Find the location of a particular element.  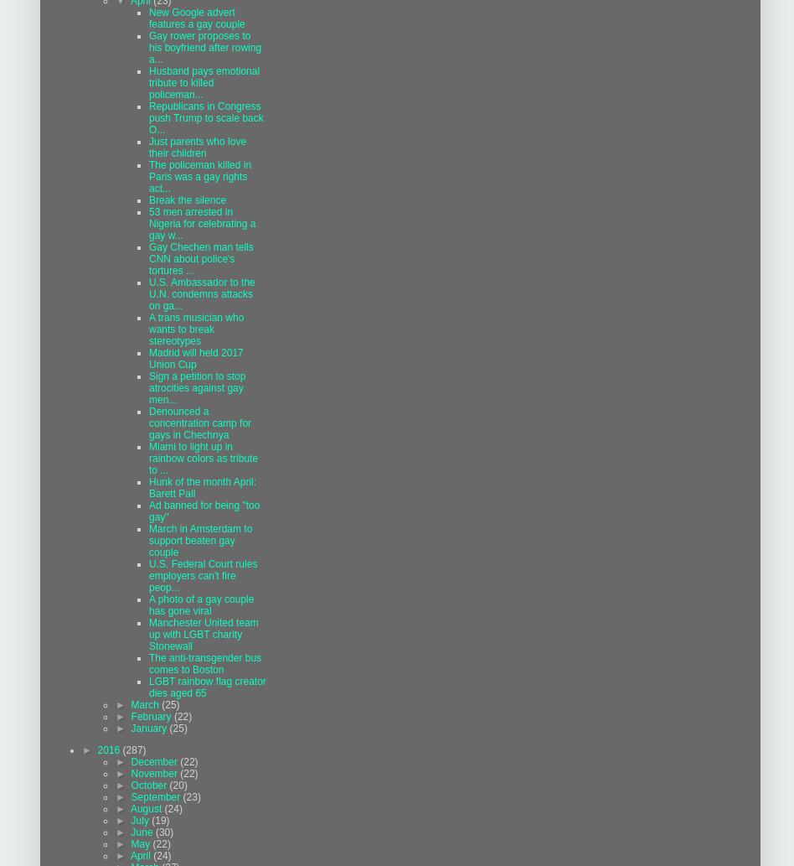

'U.S. Ambassador to the U.N. condemns attacks on ga...' is located at coordinates (148, 294).